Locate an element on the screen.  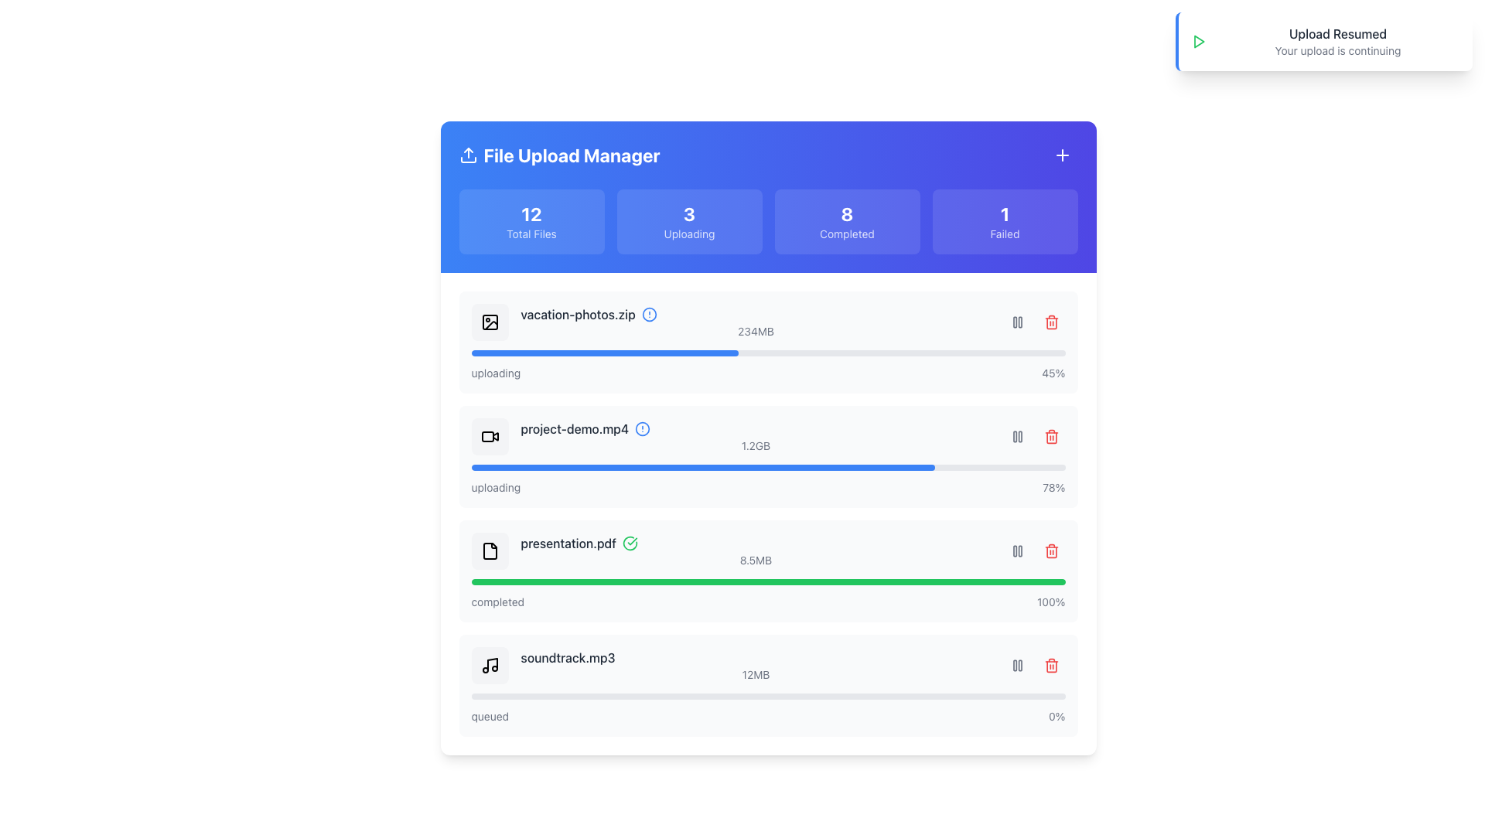
the red trash bin icon at the end of the progress bar for the file labeled 'soundtrack.mp3' is located at coordinates (1051, 664).